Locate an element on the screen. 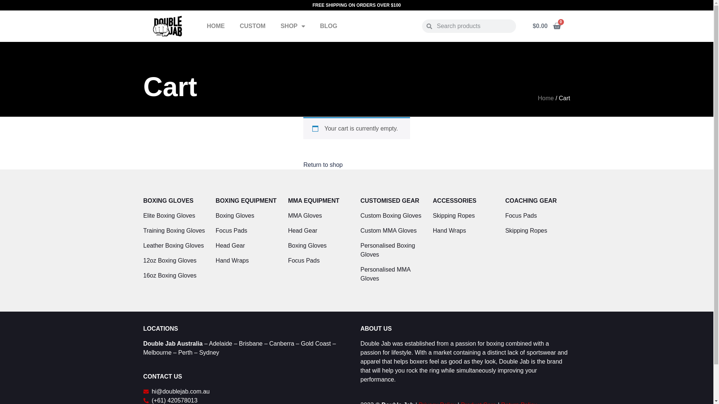 The height and width of the screenshot is (404, 719). 'Training Boxing Gloves' is located at coordinates (175, 230).